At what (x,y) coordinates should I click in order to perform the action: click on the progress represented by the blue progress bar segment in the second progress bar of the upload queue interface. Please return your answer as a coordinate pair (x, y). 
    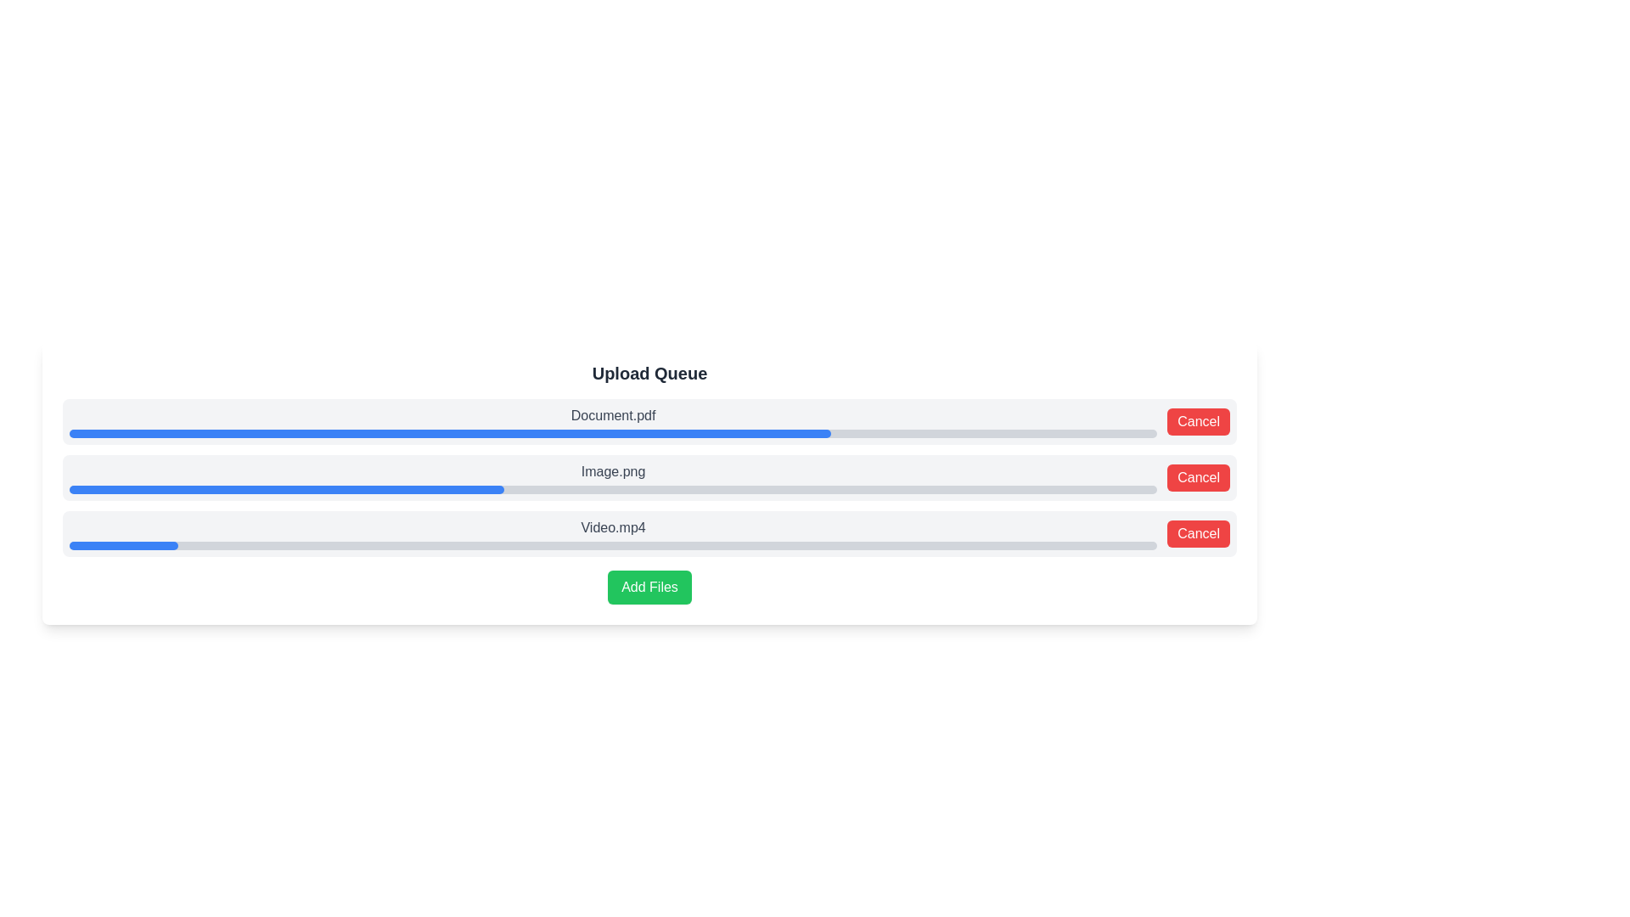
    Looking at the image, I should click on (287, 490).